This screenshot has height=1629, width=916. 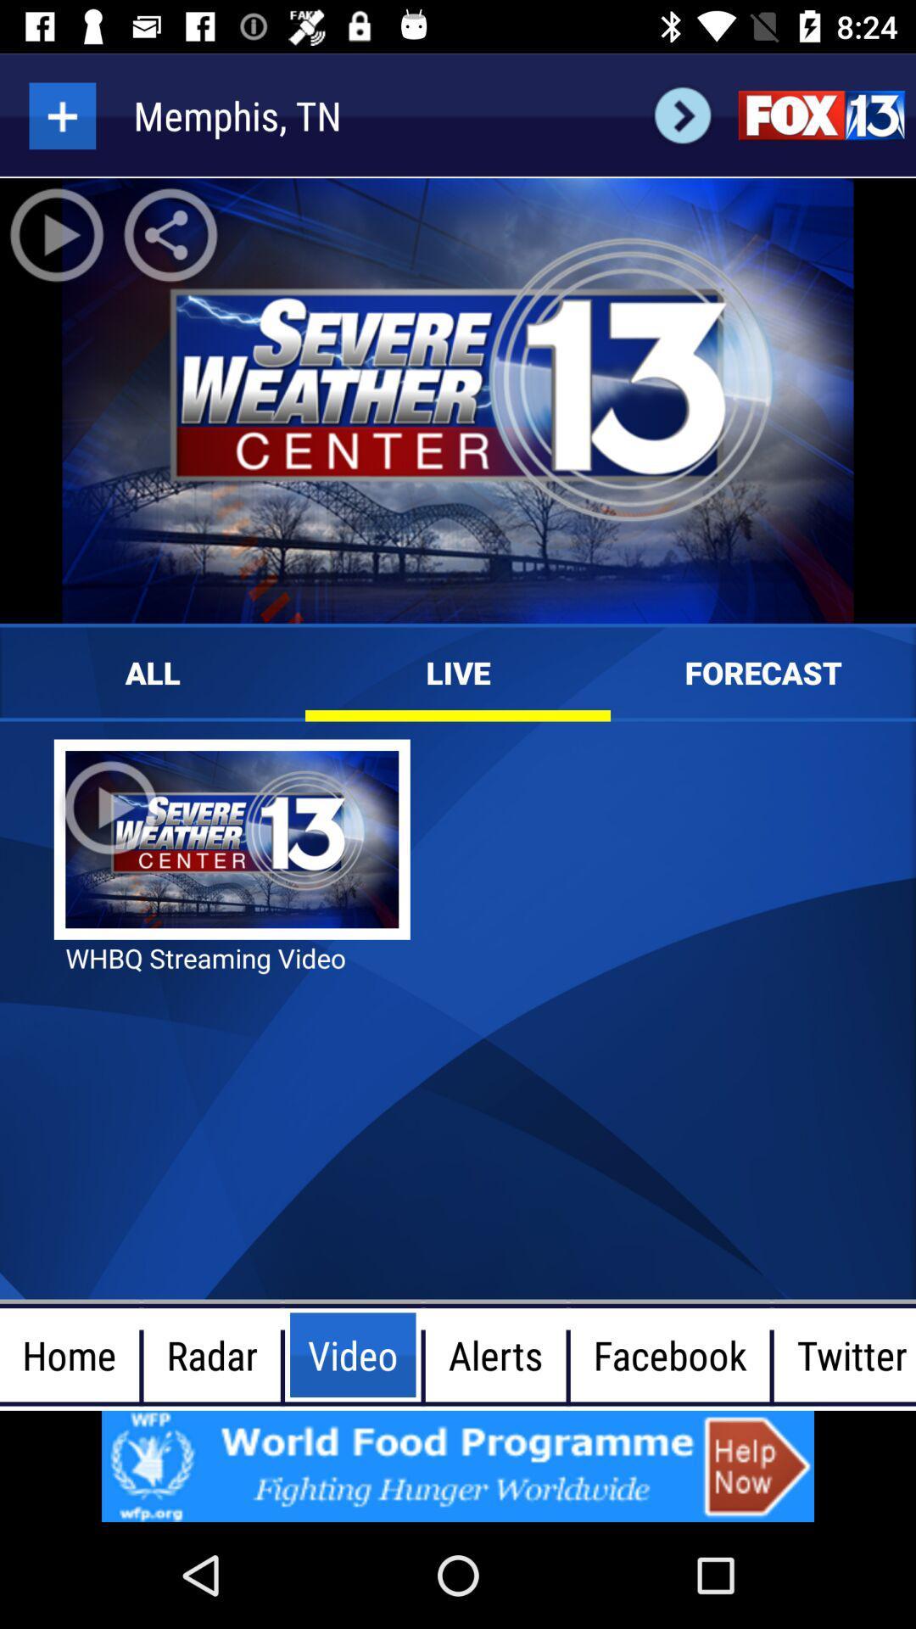 What do you see at coordinates (682, 115) in the screenshot?
I see `click arrow button` at bounding box center [682, 115].